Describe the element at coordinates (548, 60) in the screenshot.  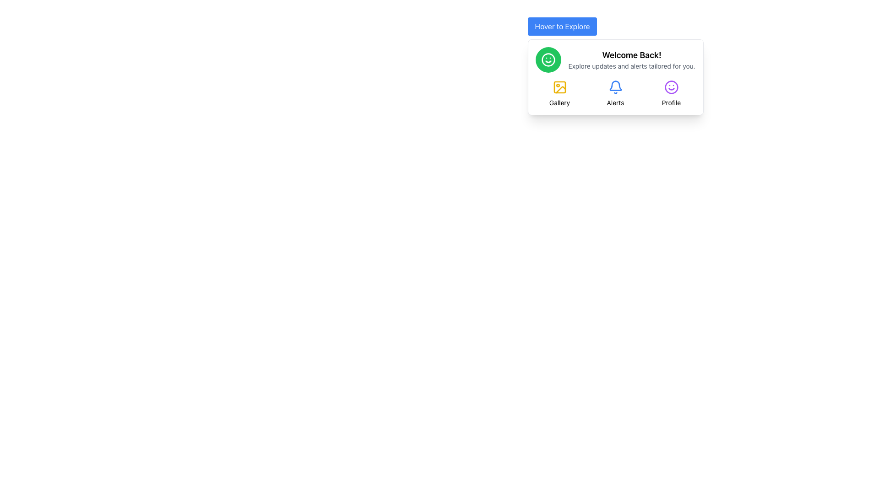
I see `the decorative smiling face icon located to the left of the 'Welcome Back!' heading` at that location.